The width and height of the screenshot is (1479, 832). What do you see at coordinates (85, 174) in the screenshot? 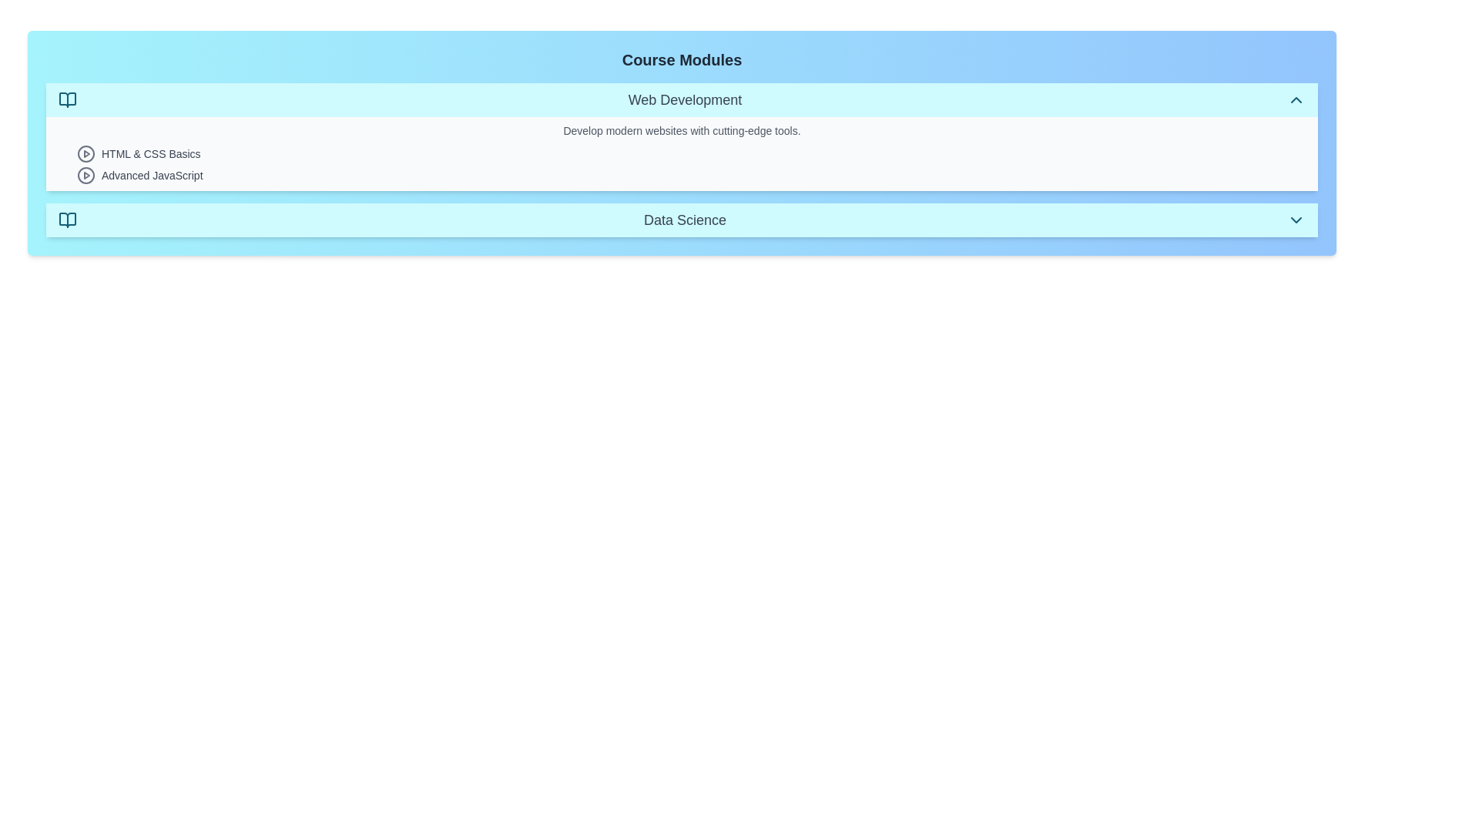
I see `the SVG outline circle that serves as the outer circle of the video play button within the 'Advanced JavaScript' item of the 'Web Development' module` at bounding box center [85, 174].